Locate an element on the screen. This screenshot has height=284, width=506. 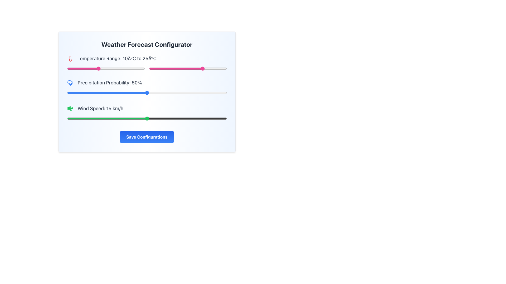
the precipitation probability is located at coordinates (134, 93).